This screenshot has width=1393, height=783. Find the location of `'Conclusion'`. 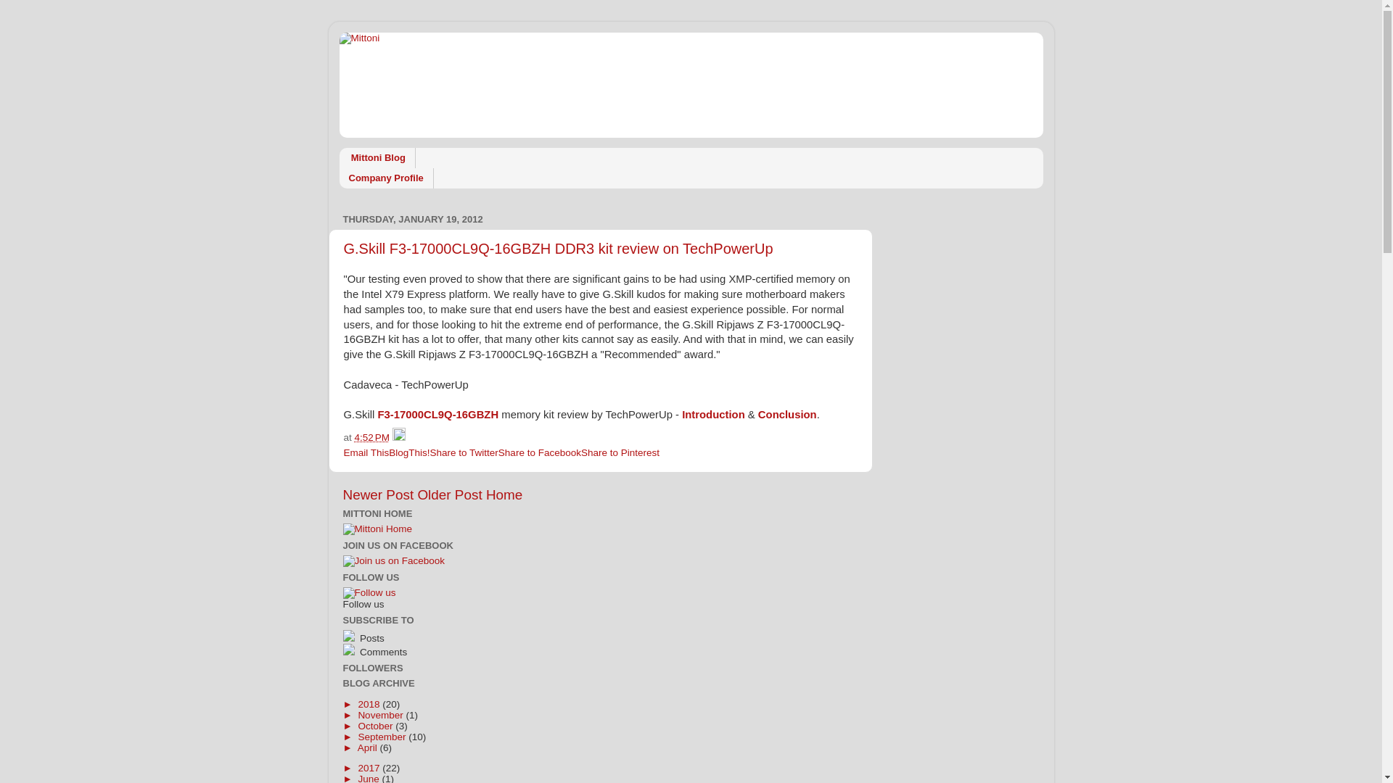

'Conclusion' is located at coordinates (786, 414).